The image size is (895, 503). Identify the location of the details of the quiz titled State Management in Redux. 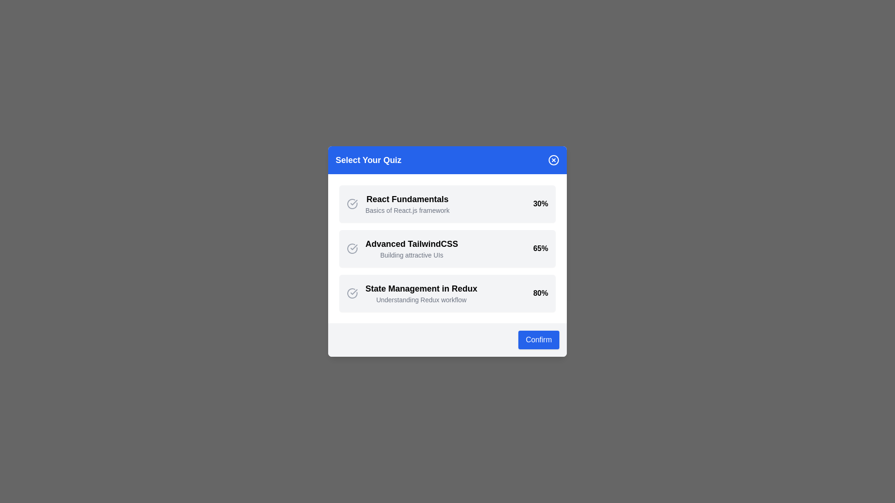
(420, 288).